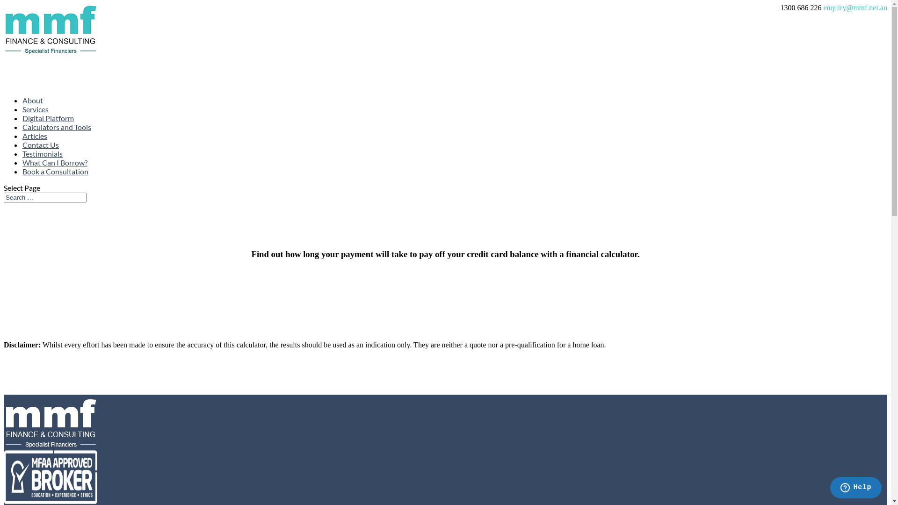 The height and width of the screenshot is (505, 898). Describe the element at coordinates (44, 197) in the screenshot. I see `'Search for:'` at that location.